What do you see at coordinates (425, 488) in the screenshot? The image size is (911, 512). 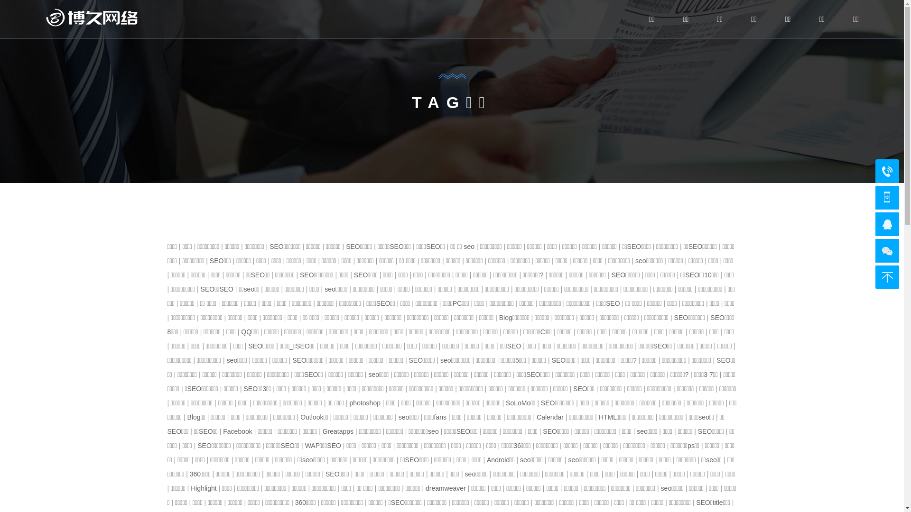 I see `'dreamweaver'` at bounding box center [425, 488].